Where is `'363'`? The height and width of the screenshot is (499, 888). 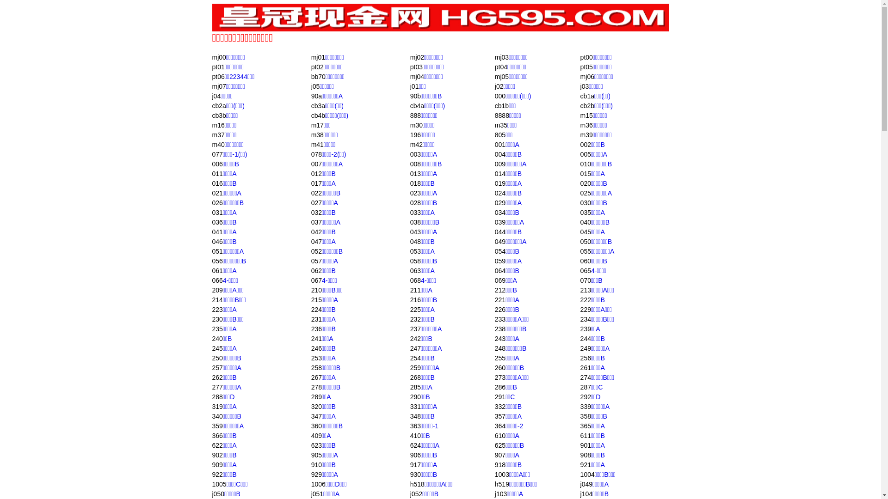
'363' is located at coordinates (415, 426).